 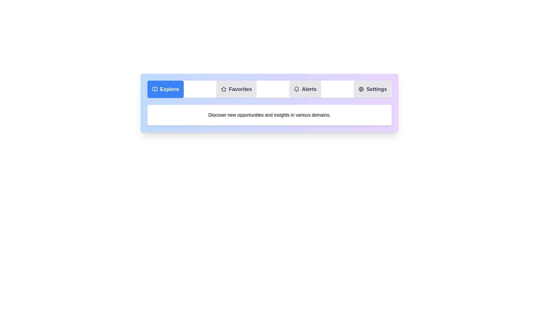 I want to click on the tab labeled Explore, so click(x=165, y=89).